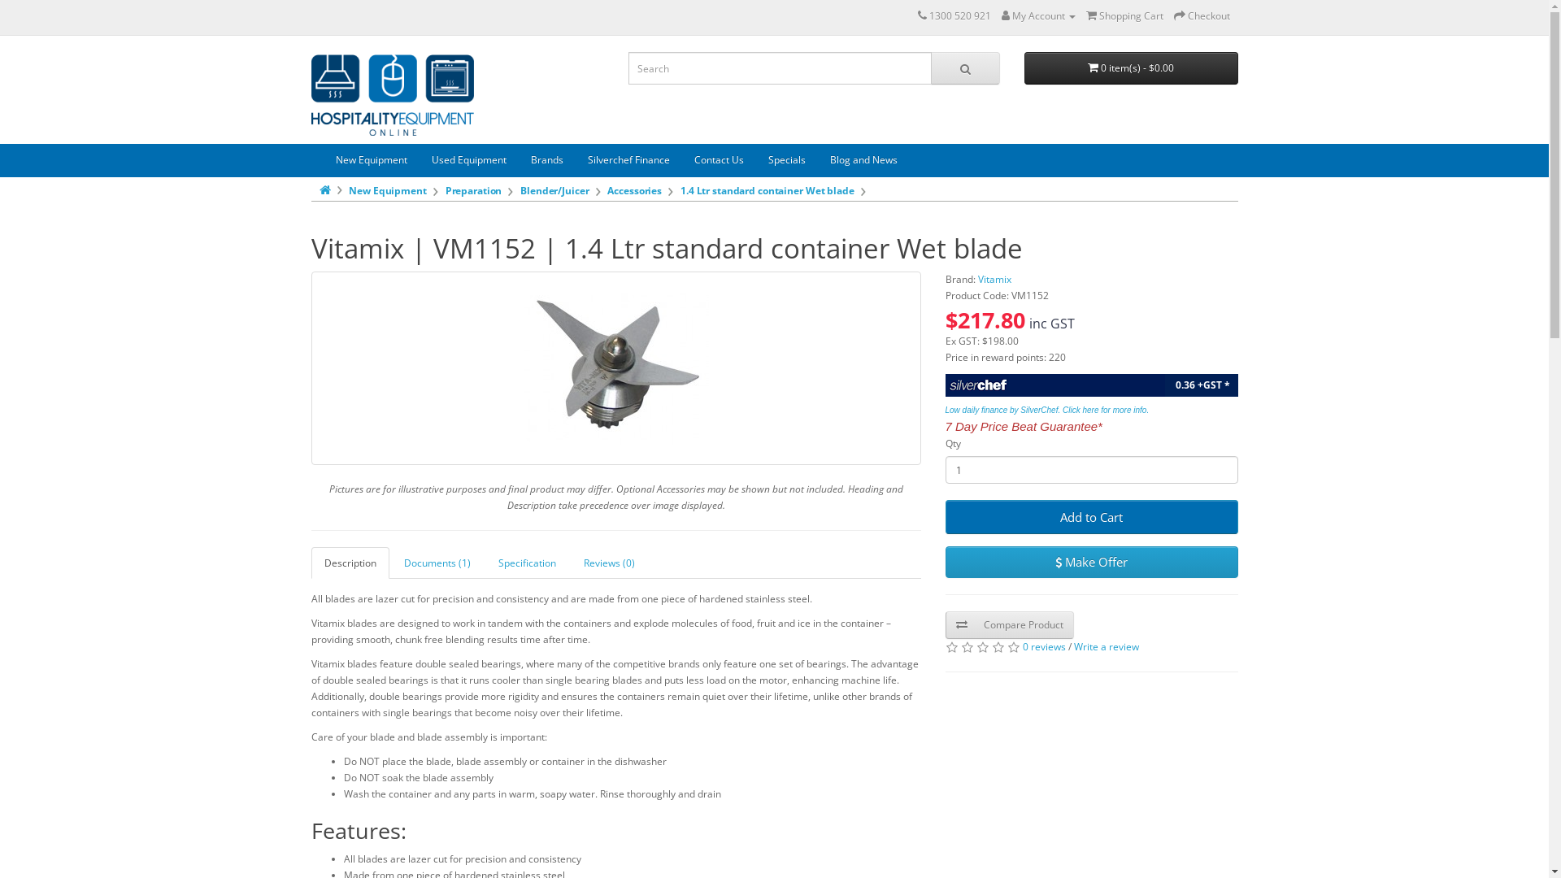 Image resolution: width=1561 pixels, height=878 pixels. What do you see at coordinates (467, 159) in the screenshot?
I see `'Used Equipment'` at bounding box center [467, 159].